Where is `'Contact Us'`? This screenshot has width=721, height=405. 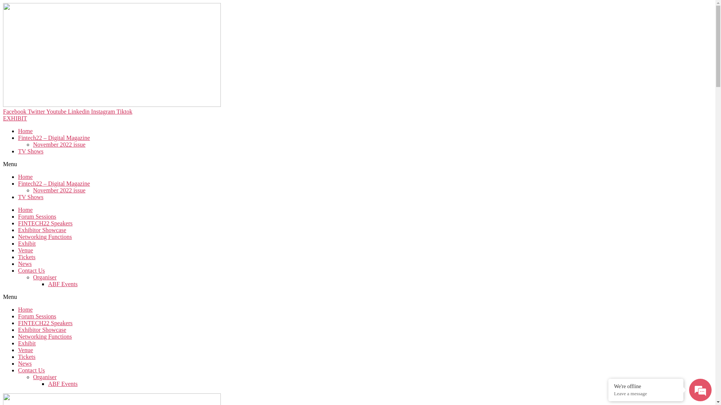
'Contact Us' is located at coordinates (31, 370).